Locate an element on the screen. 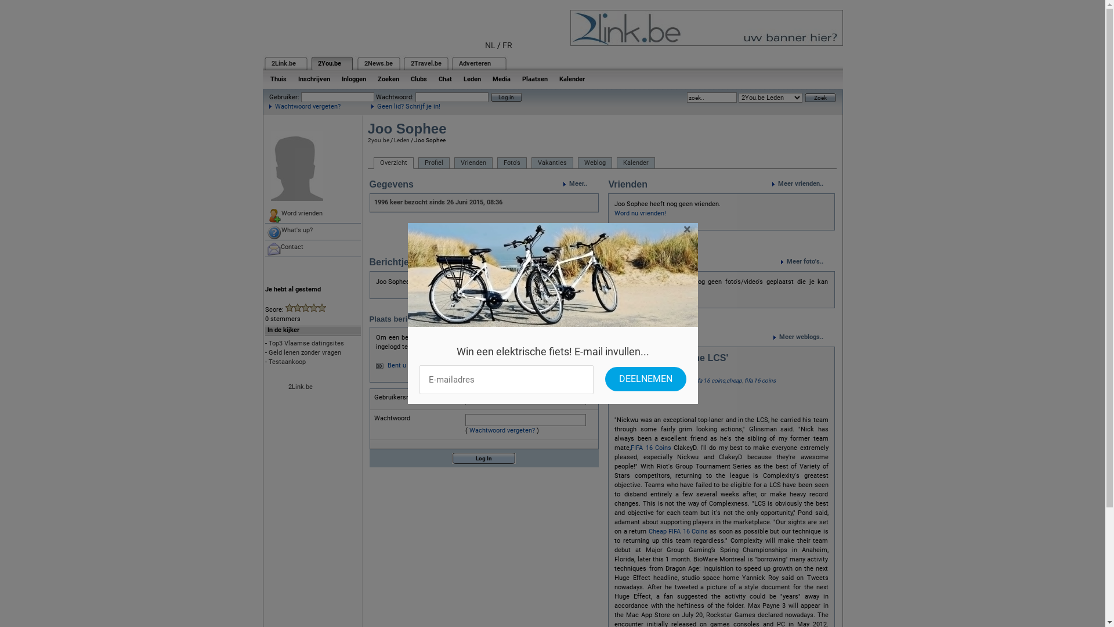 Image resolution: width=1114 pixels, height=627 pixels. '2Travel.be' is located at coordinates (425, 63).